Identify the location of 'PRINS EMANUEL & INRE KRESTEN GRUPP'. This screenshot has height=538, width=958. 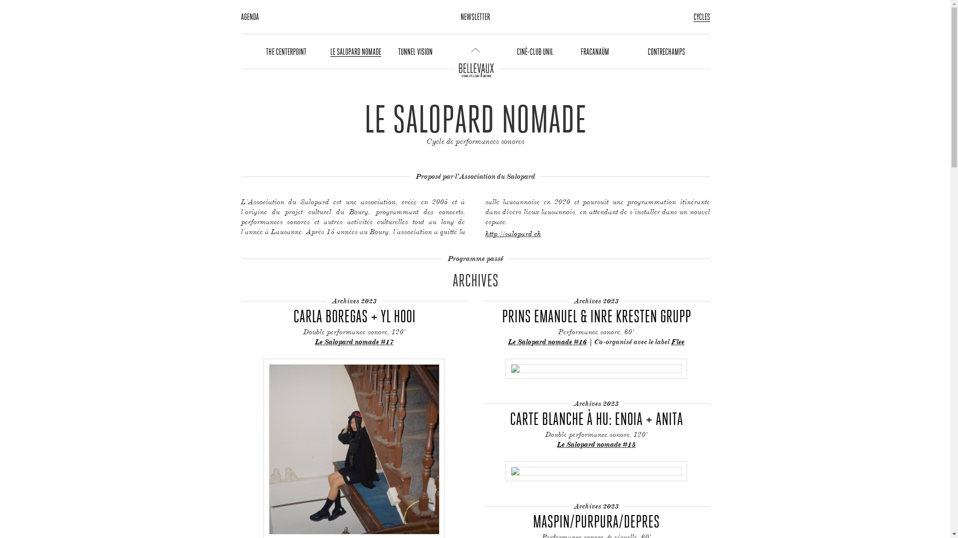
(596, 315).